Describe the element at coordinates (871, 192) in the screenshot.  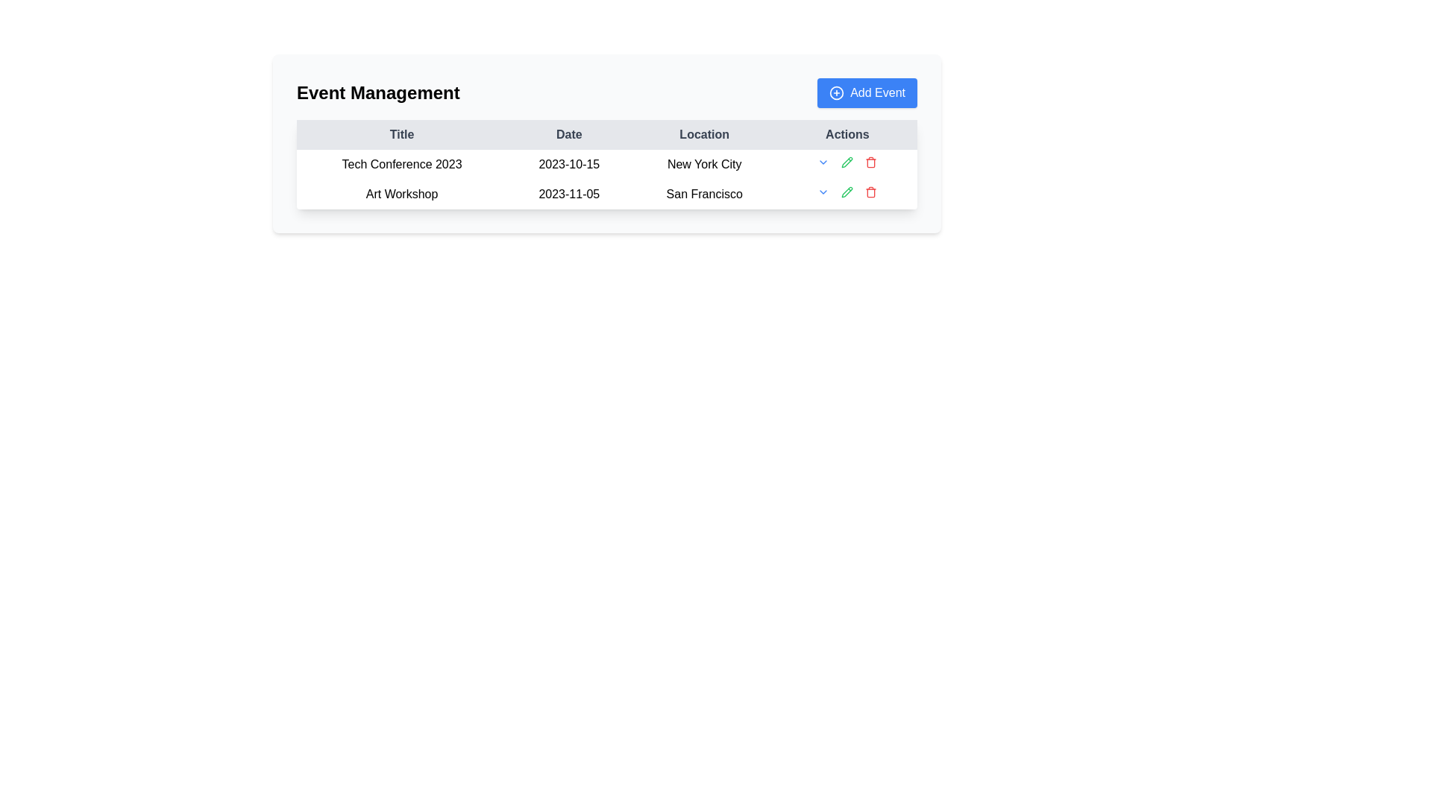
I see `the delete button in the second row of the table under the 'Actions' column` at that location.